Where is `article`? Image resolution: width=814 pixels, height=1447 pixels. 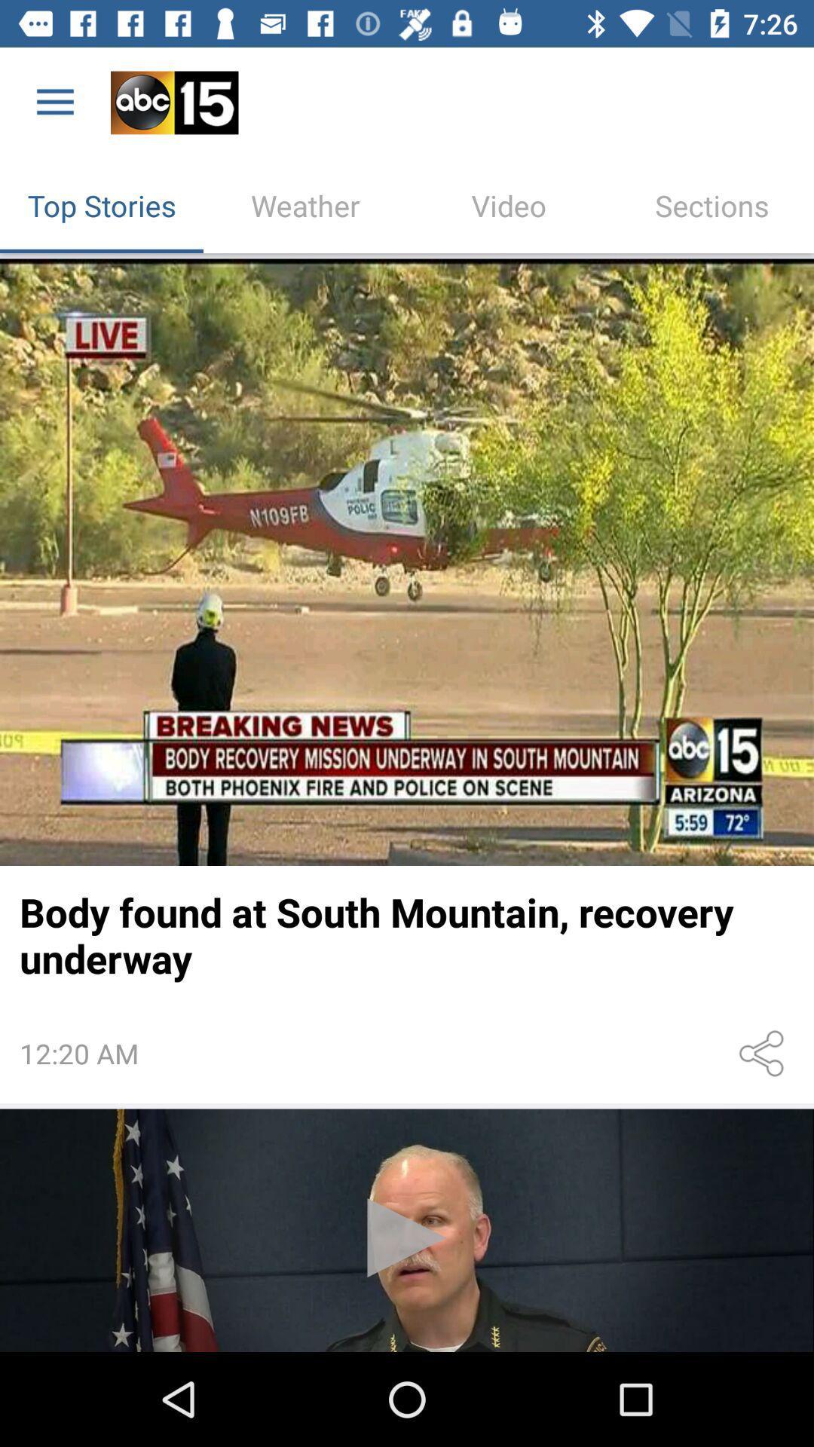 article is located at coordinates (407, 561).